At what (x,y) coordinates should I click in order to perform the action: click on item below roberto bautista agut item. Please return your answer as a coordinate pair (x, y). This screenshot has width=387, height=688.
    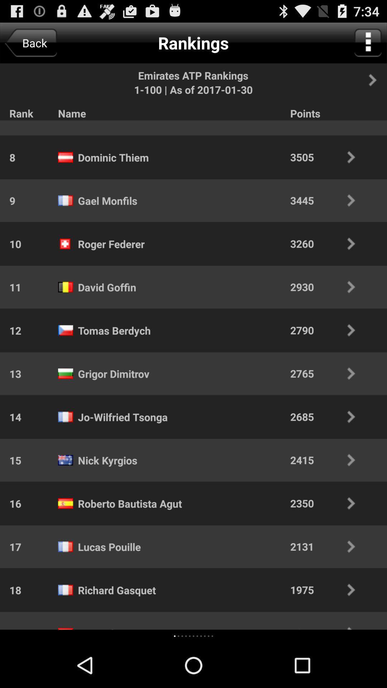
    Looking at the image, I should click on (186, 636).